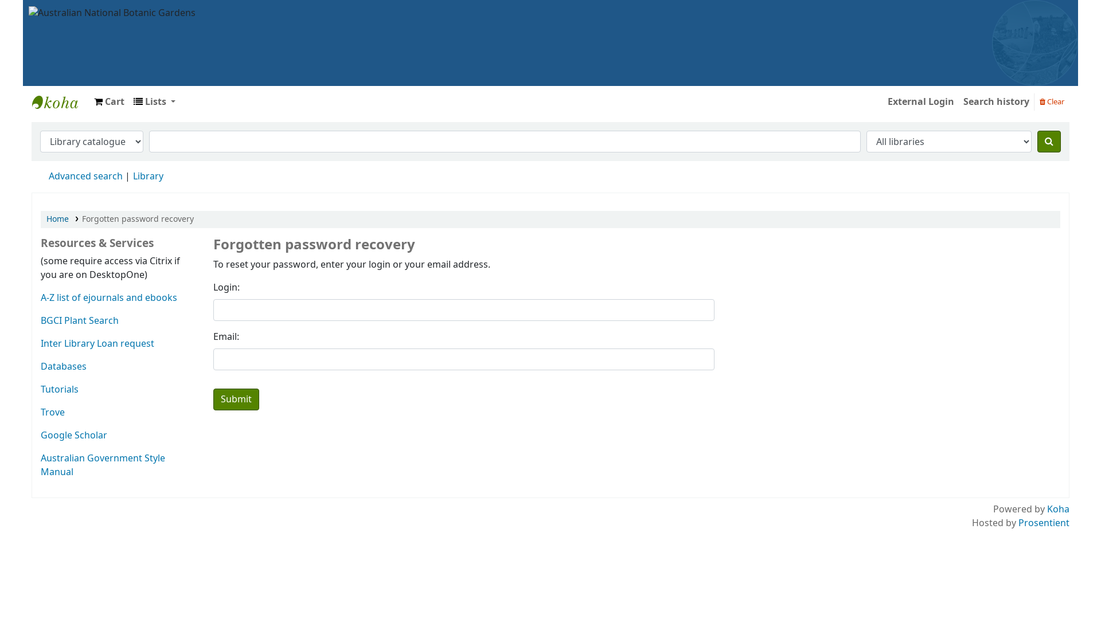 This screenshot has height=619, width=1101. Describe the element at coordinates (1057, 508) in the screenshot. I see `'Koha'` at that location.